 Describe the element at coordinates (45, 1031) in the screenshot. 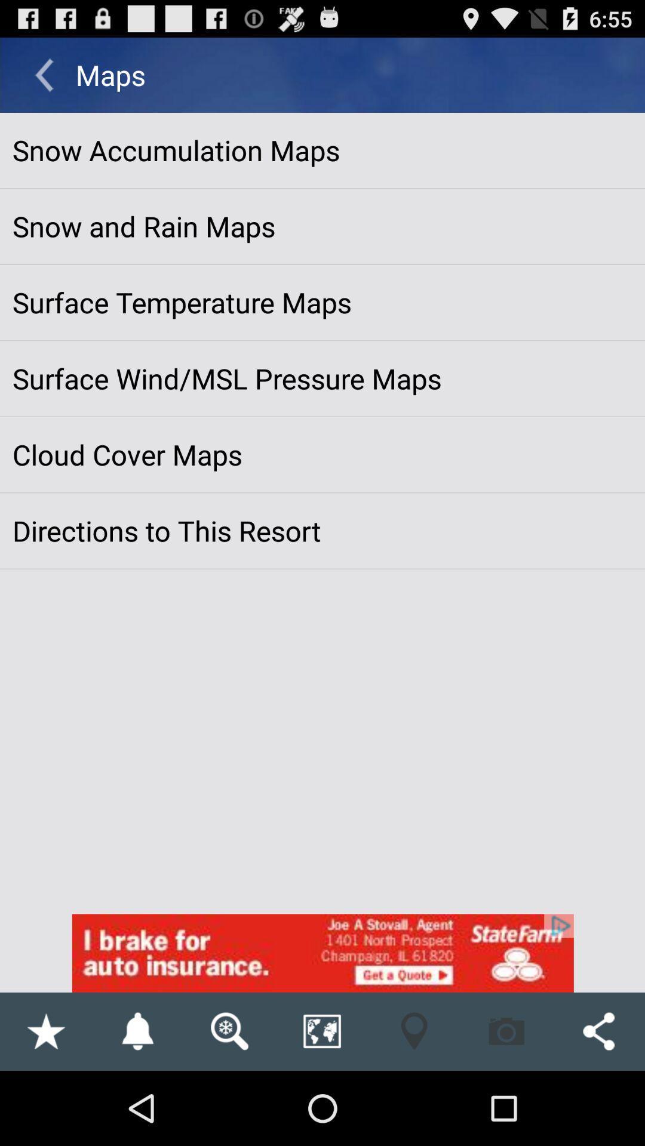

I see `favorites section` at that location.